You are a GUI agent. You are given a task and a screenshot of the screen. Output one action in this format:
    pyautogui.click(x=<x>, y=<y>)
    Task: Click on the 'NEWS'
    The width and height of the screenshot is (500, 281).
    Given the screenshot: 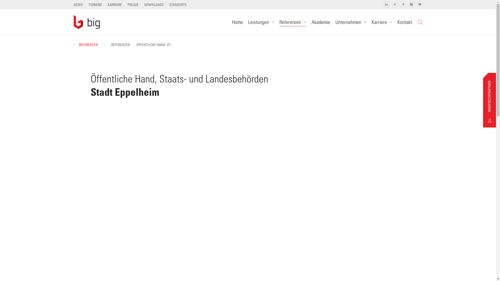 What is the action you would take?
    pyautogui.click(x=78, y=4)
    